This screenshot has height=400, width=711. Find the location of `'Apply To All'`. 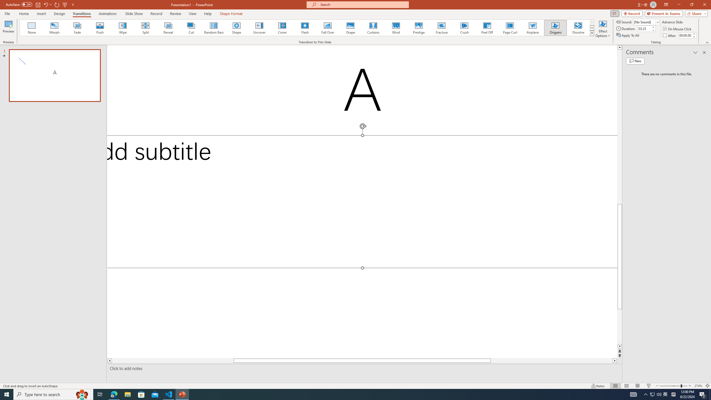

'Apply To All' is located at coordinates (628, 35).